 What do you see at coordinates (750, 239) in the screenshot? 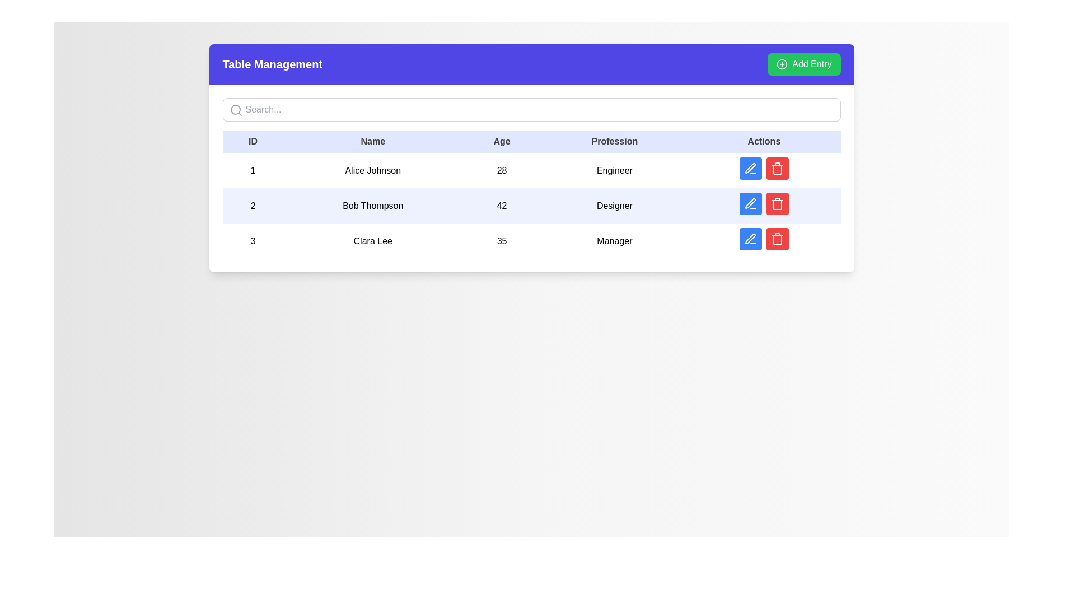
I see `the blue button with a white pen icon located in the 'Actions' column of the third row in the data table` at bounding box center [750, 239].